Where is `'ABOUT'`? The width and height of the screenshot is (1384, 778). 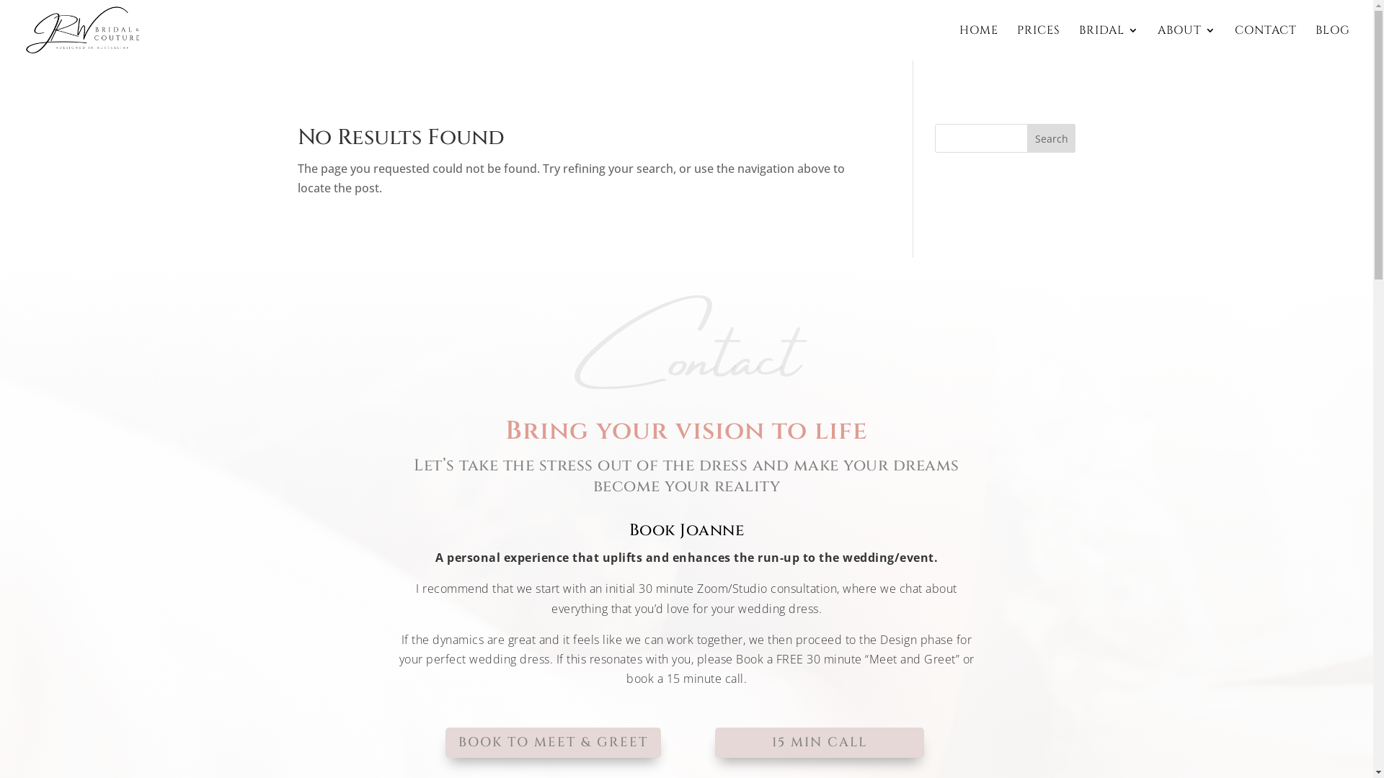 'ABOUT' is located at coordinates (1186, 42).